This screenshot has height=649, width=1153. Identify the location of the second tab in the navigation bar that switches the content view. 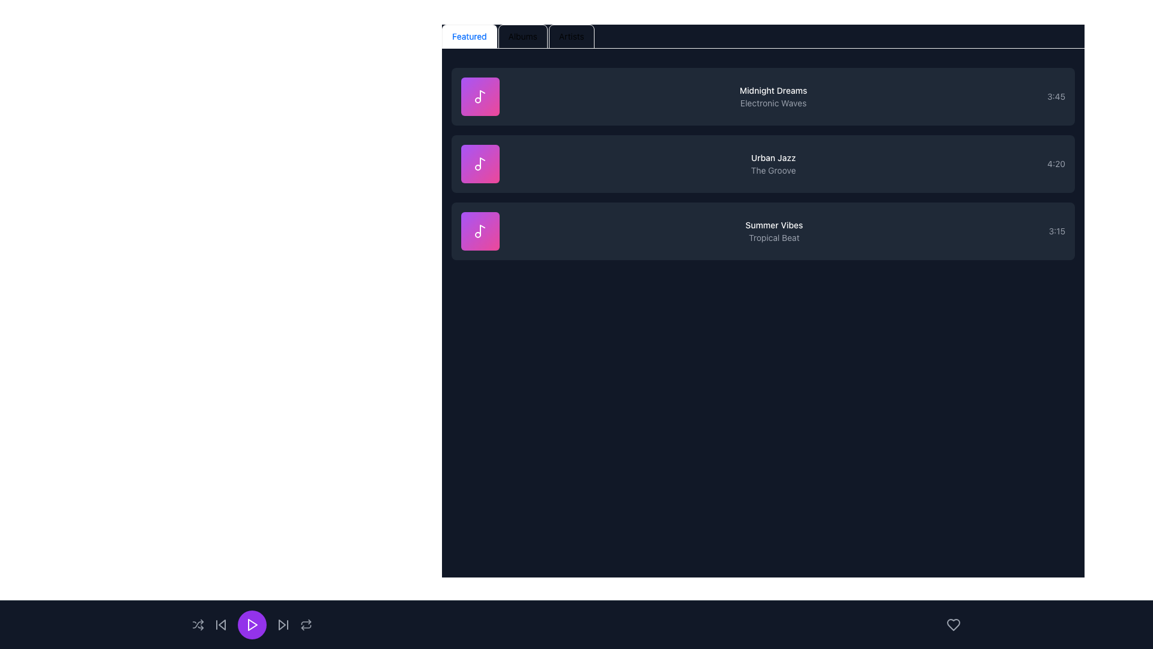
(522, 36).